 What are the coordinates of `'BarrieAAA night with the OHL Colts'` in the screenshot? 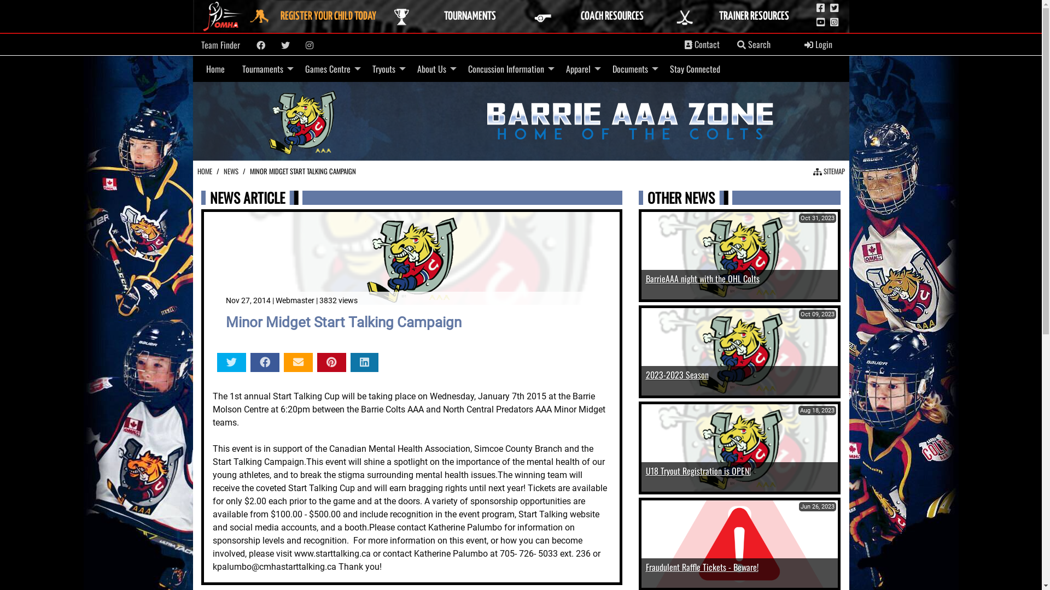 It's located at (702, 278).